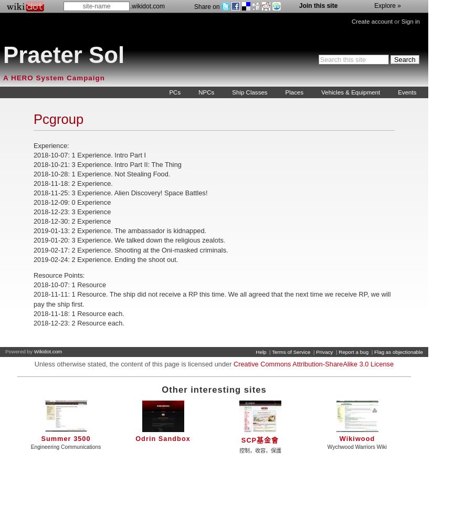 This screenshot has height=525, width=465. What do you see at coordinates (347, 114) in the screenshot?
I see `'Weapons, Armor, & Gadgets'` at bounding box center [347, 114].